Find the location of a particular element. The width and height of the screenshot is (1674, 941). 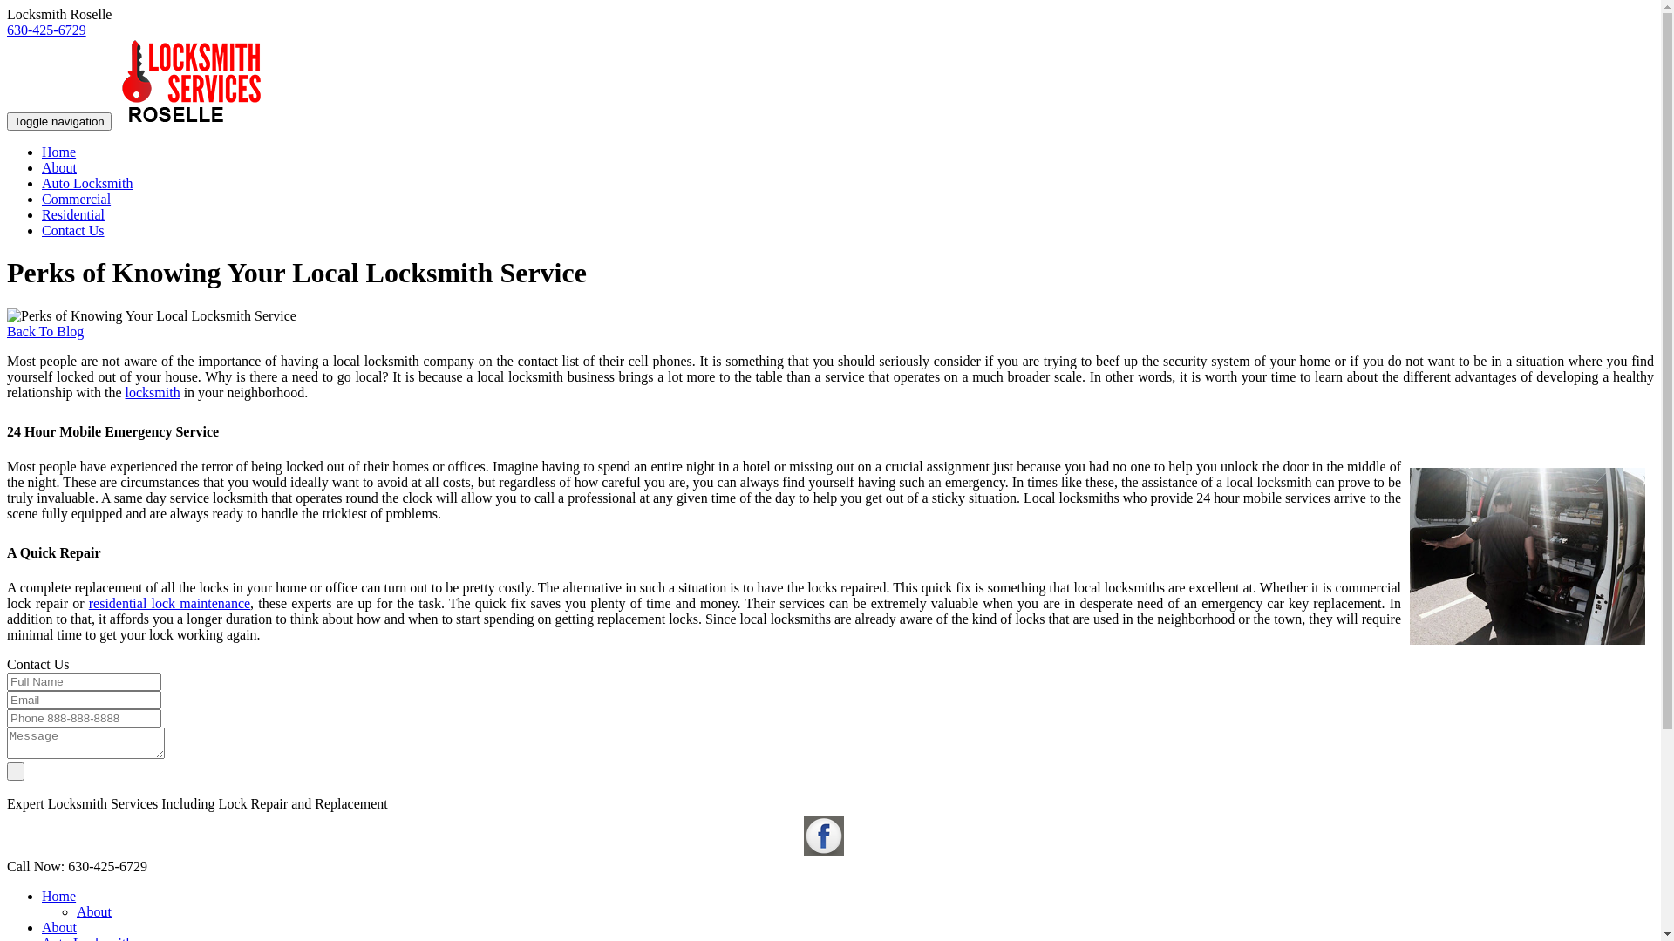

'Home' is located at coordinates (58, 896).